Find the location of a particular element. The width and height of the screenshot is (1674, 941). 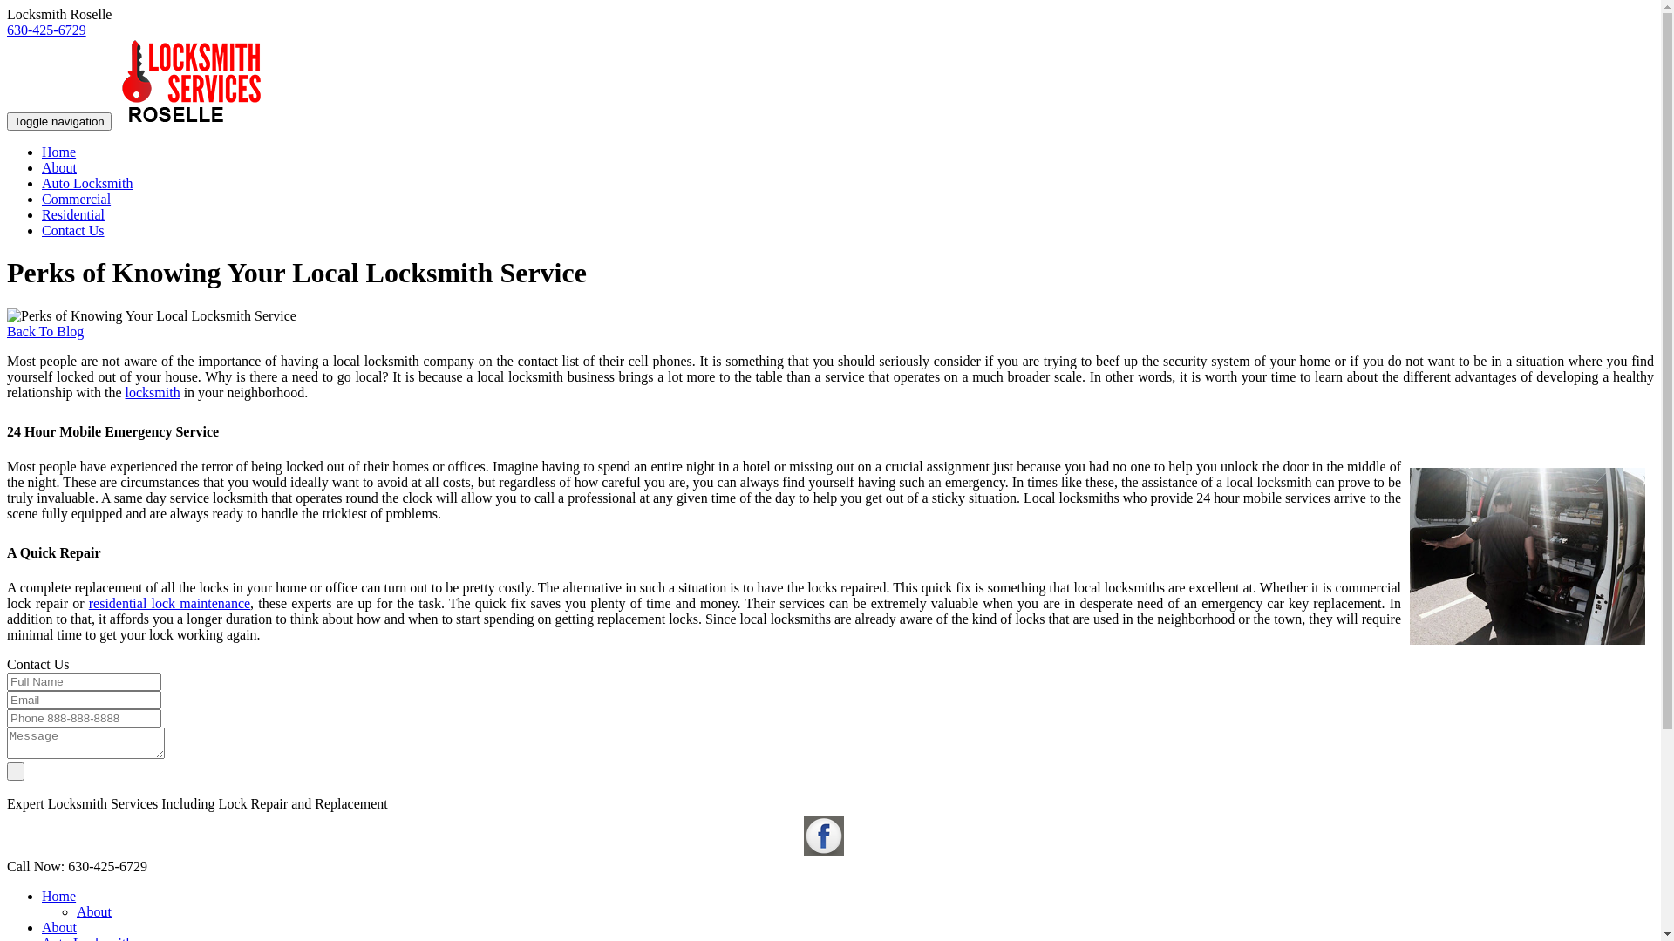

'Home' is located at coordinates (58, 896).